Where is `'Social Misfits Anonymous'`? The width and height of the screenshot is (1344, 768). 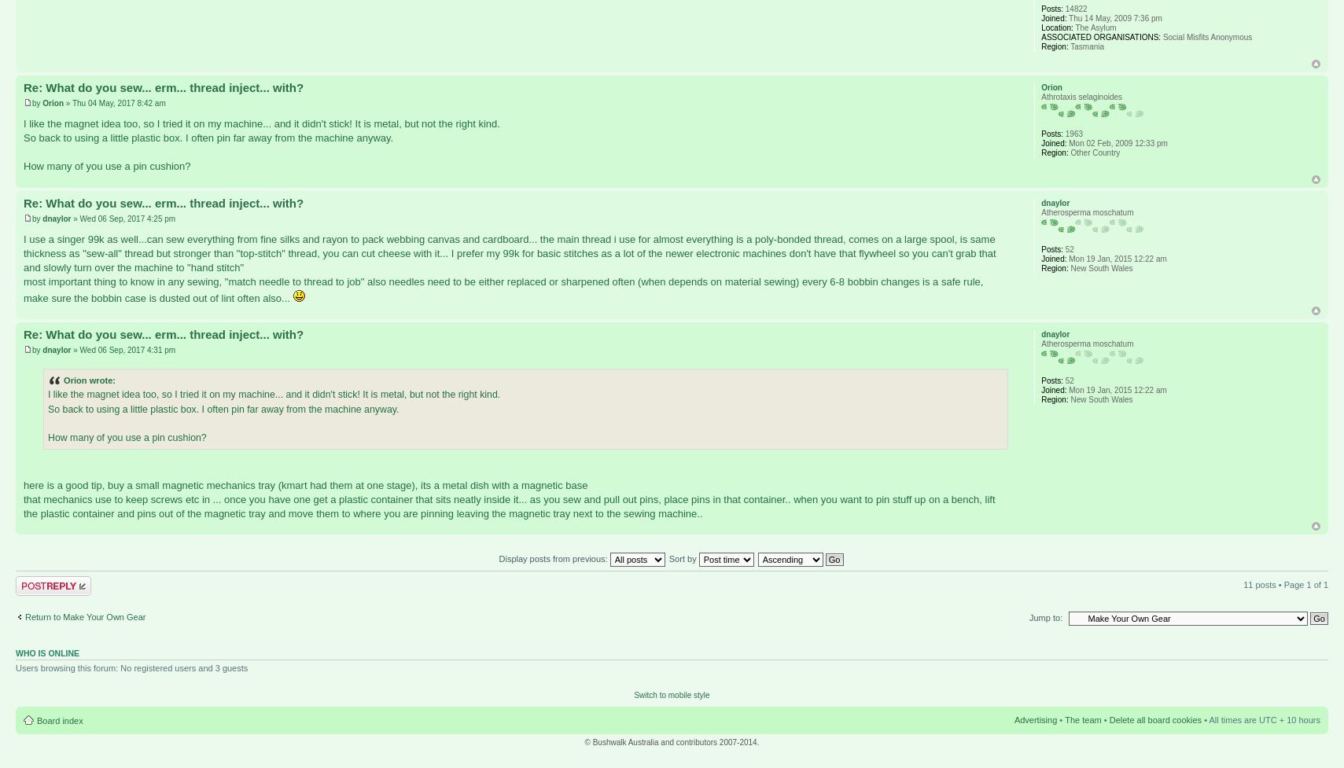
'Social Misfits Anonymous' is located at coordinates (1161, 36).